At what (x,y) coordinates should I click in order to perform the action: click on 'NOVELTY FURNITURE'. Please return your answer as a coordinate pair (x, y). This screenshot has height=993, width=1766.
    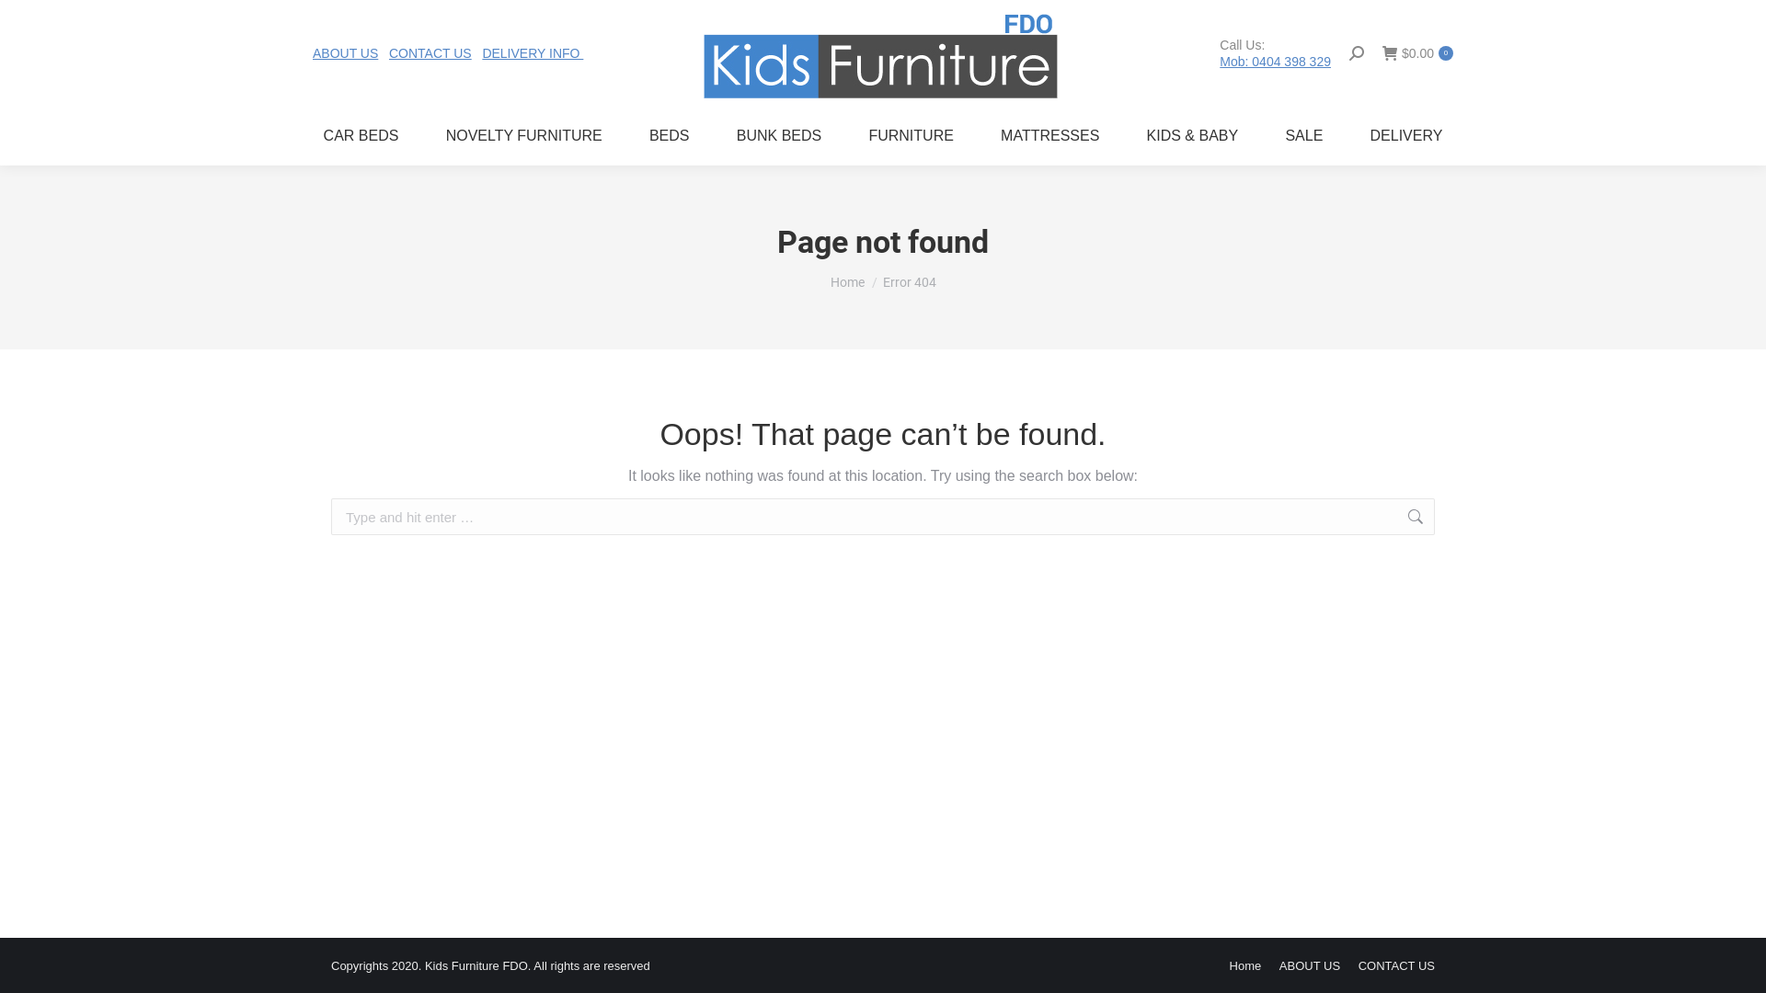
    Looking at the image, I should click on (522, 134).